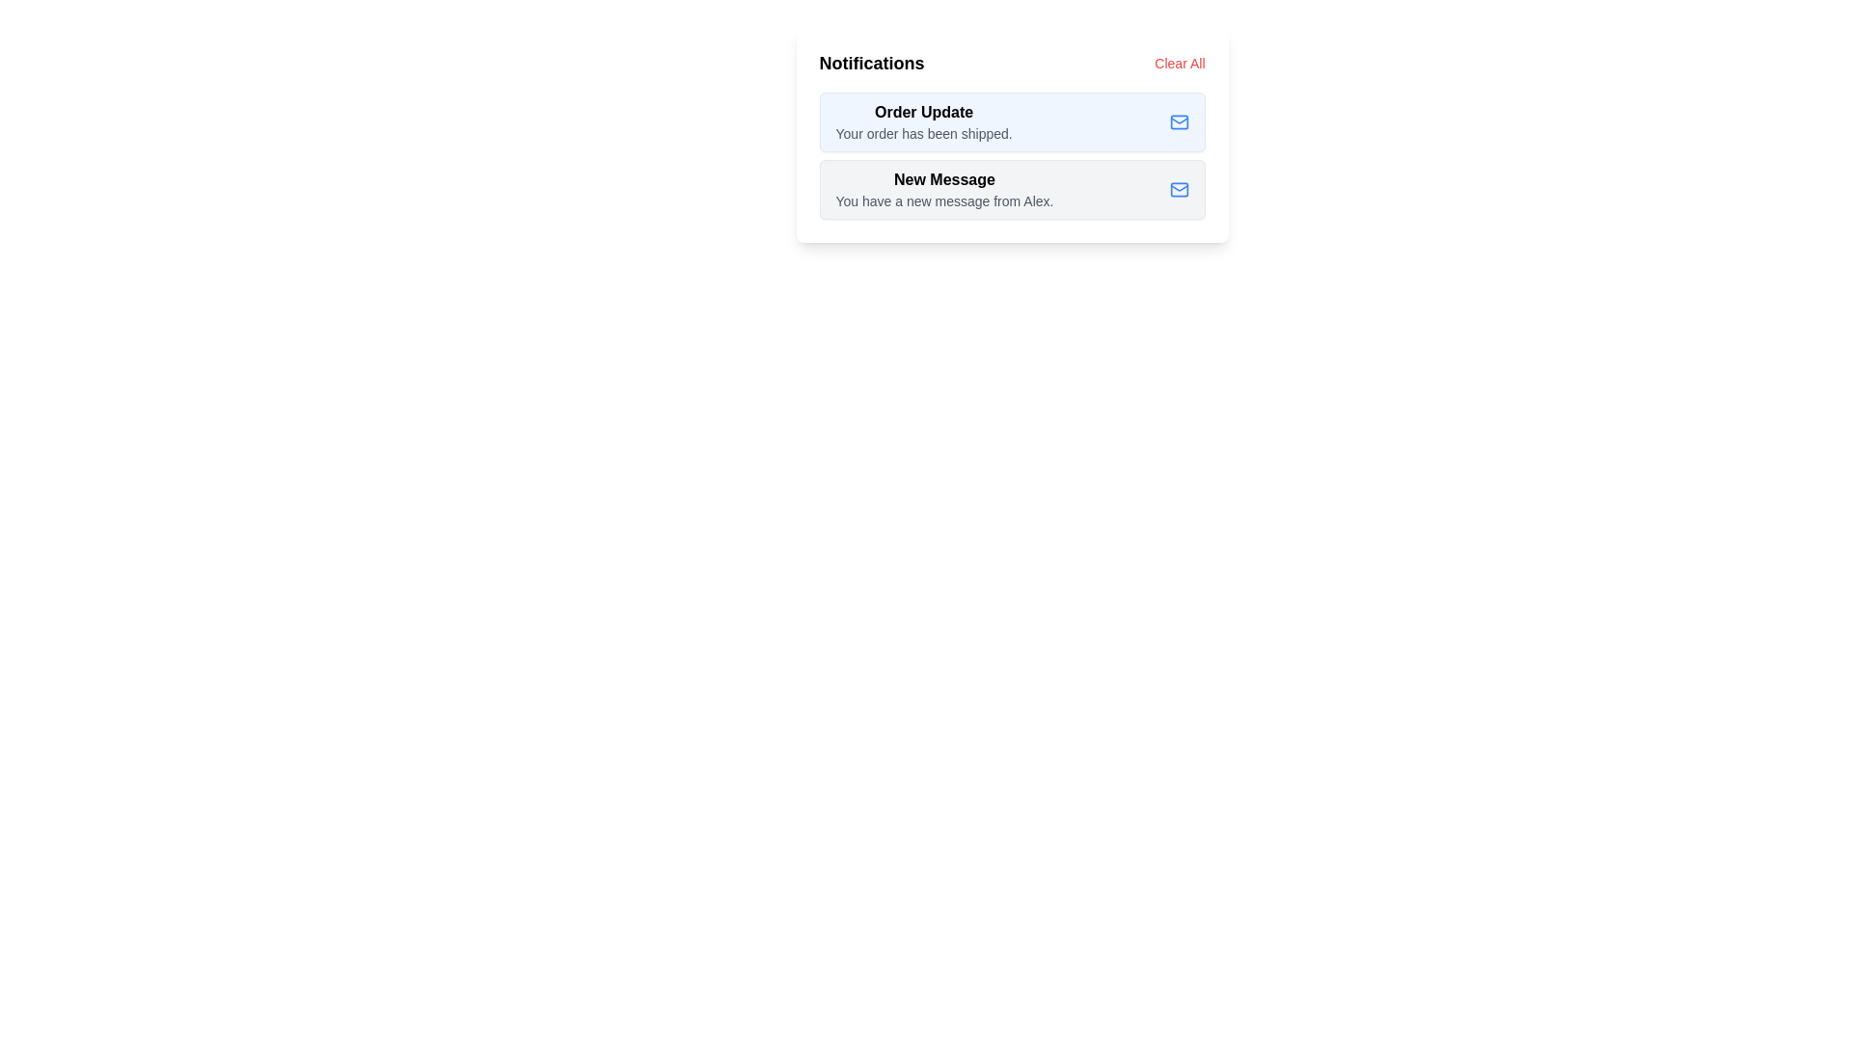 The width and height of the screenshot is (1852, 1041). What do you see at coordinates (944, 200) in the screenshot?
I see `text snippet that says 'You have a new message from Alex.' which is styled in gray and located under the 'New Message' title in the Notifications section` at bounding box center [944, 200].